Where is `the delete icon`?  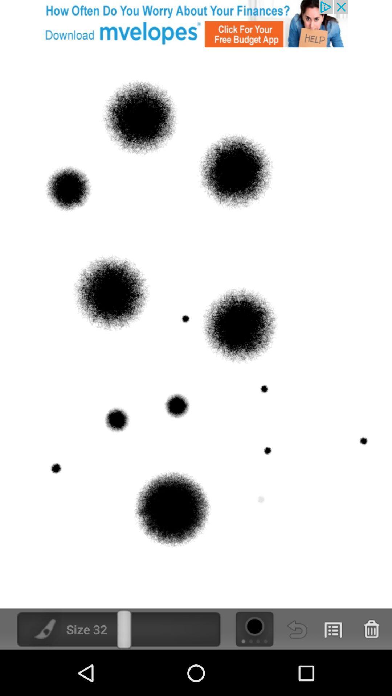
the delete icon is located at coordinates (371, 673).